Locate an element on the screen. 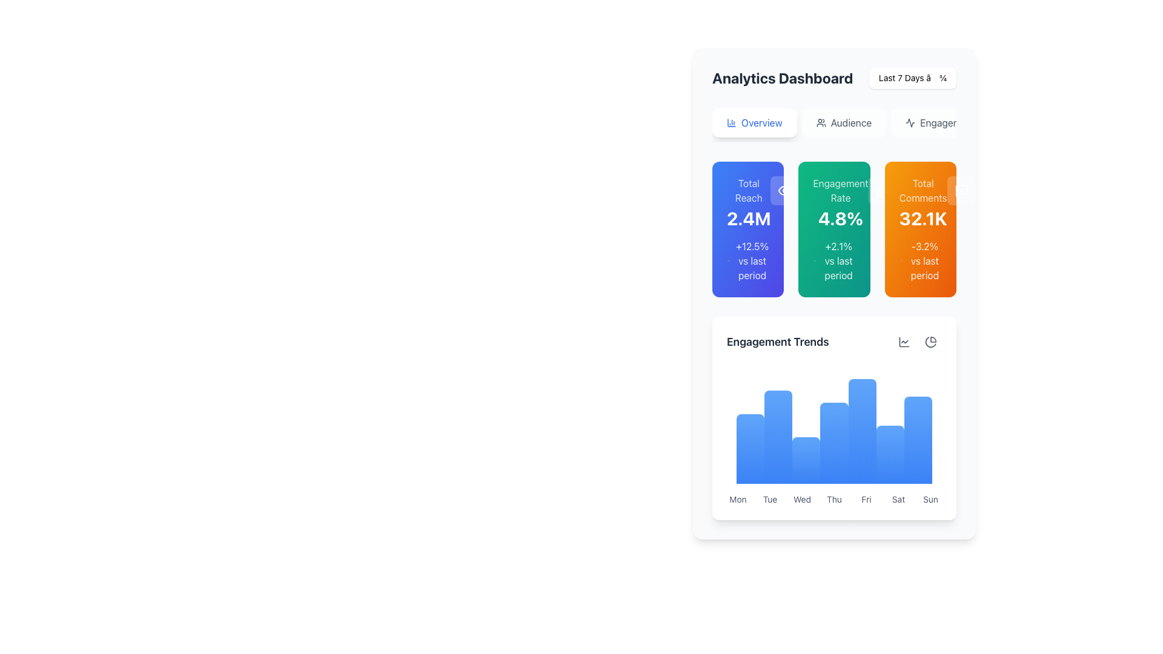  the 'Engagement' button, which is styled with a heartbeat icon and is the third button in the navigation row under 'Analytics Dashboard' is located at coordinates (939, 123).